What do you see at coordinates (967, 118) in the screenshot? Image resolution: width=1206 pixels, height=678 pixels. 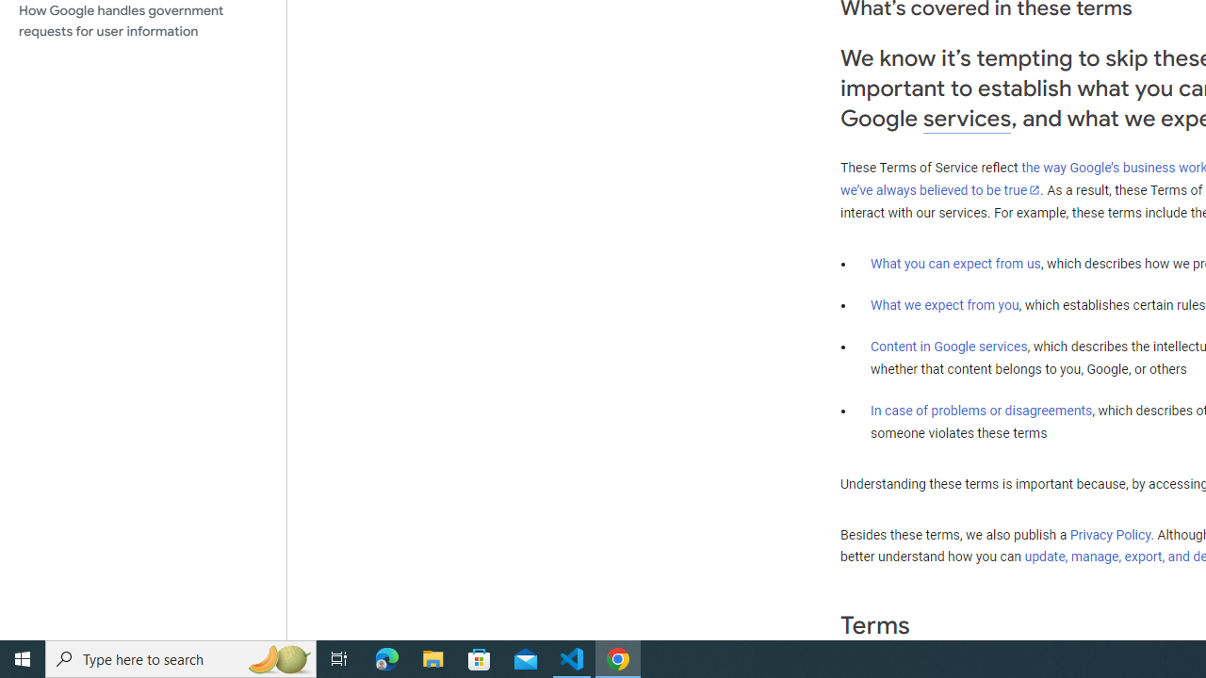 I see `'services'` at bounding box center [967, 118].